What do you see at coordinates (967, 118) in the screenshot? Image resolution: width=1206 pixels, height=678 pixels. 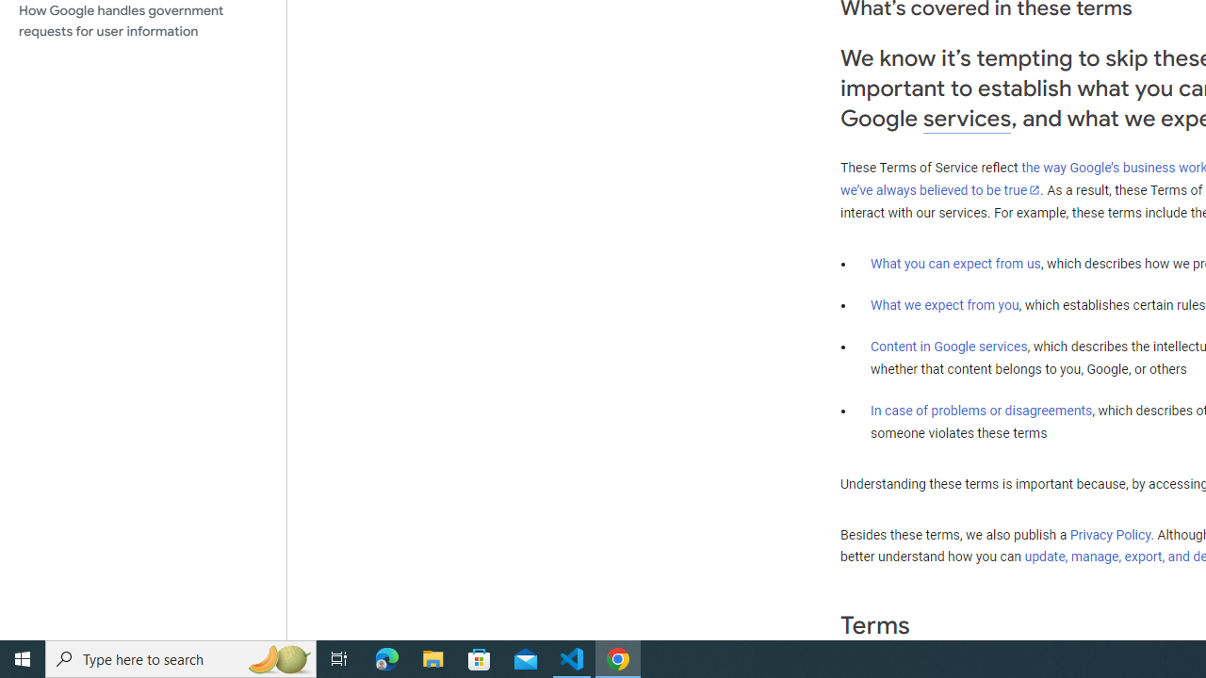 I see `'services'` at bounding box center [967, 118].